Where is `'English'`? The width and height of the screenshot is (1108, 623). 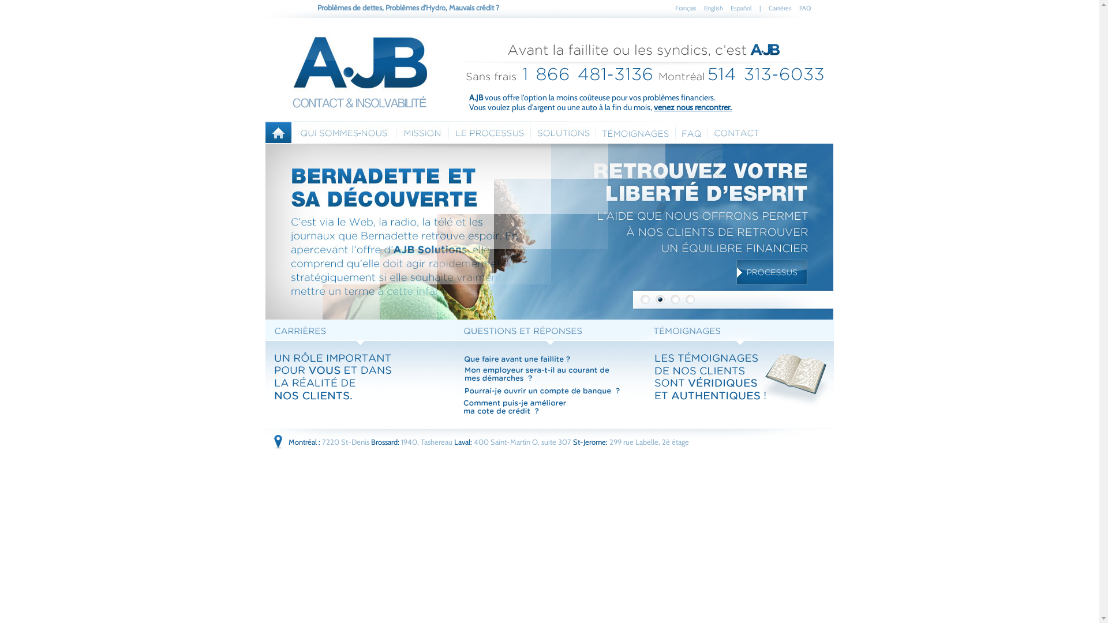
'English' is located at coordinates (713, 8).